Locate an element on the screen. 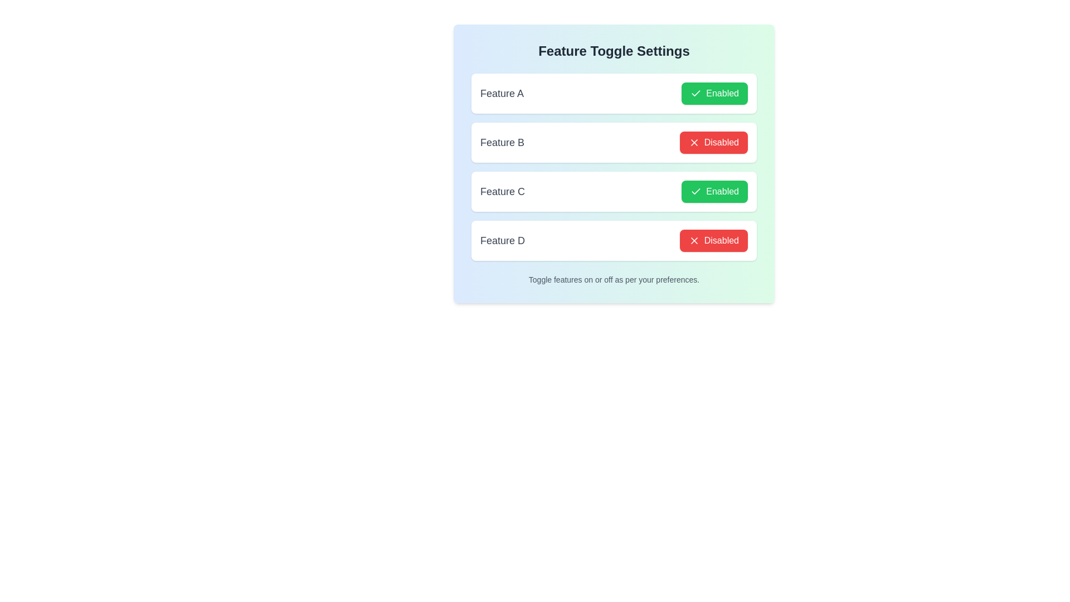 This screenshot has width=1070, height=602. the button located under the 'Feature B' row is located at coordinates (713, 142).